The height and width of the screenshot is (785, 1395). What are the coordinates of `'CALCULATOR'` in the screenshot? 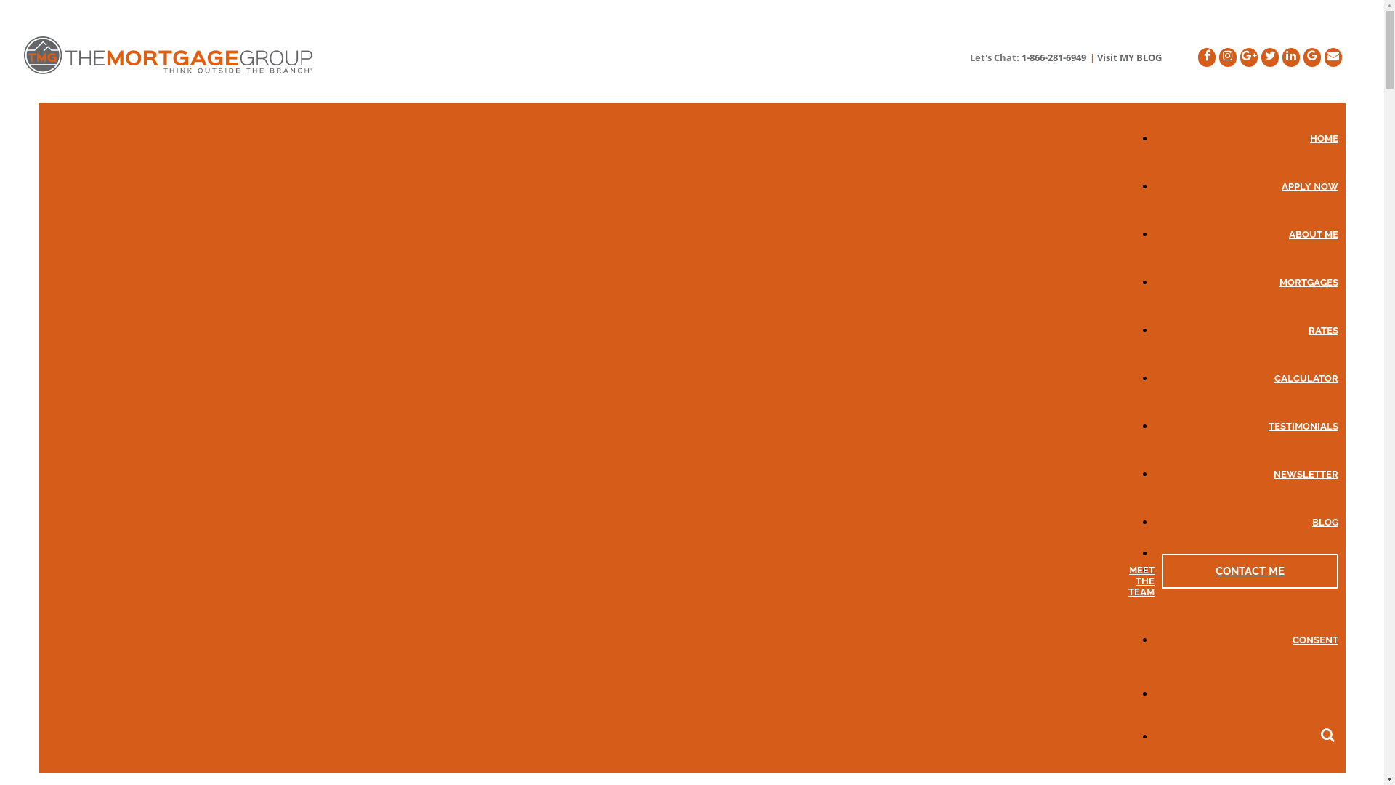 It's located at (1245, 374).